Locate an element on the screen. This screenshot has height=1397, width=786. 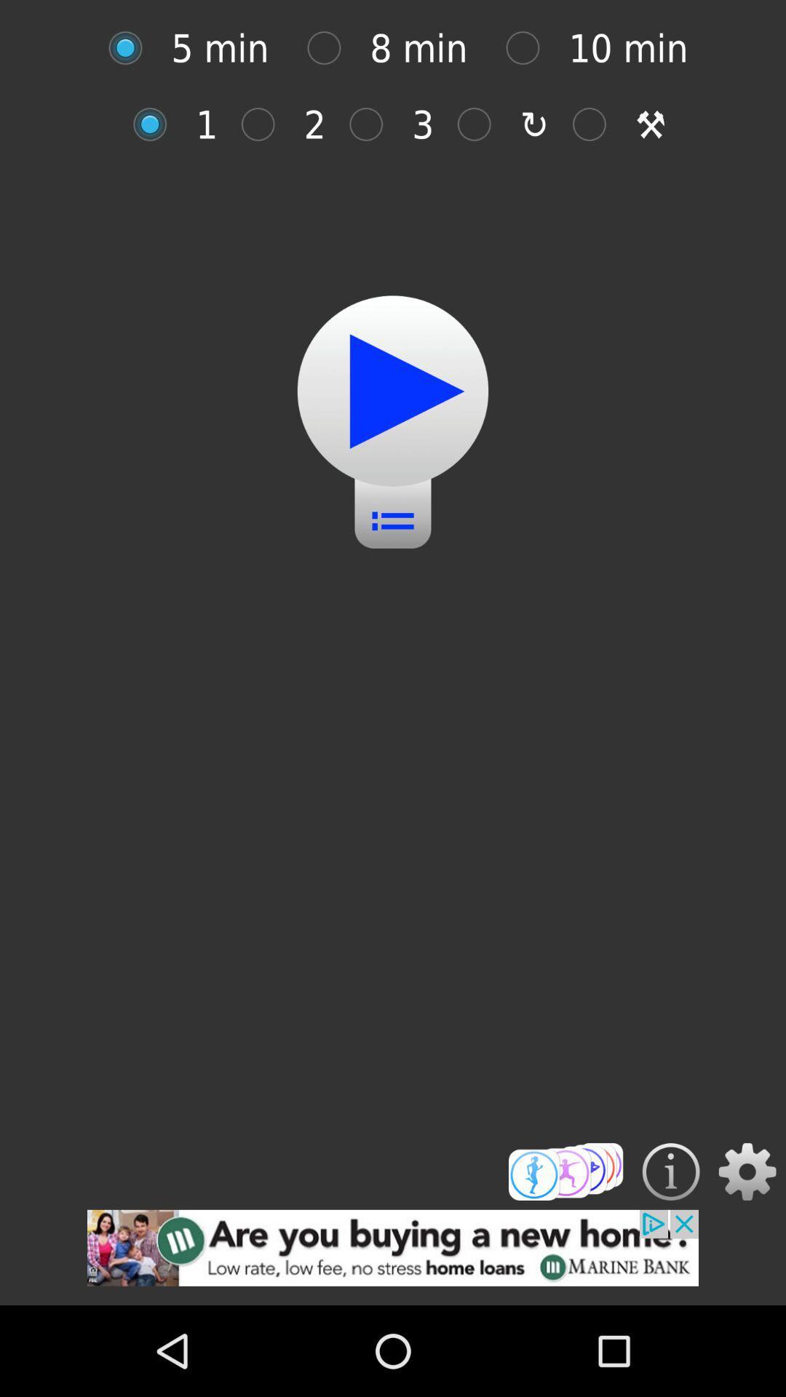
advertisement is located at coordinates (393, 1257).